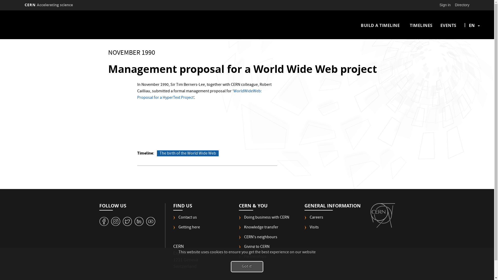 Image resolution: width=498 pixels, height=280 pixels. Describe the element at coordinates (259, 229) in the screenshot. I see `'Knowledge transfer'` at that location.